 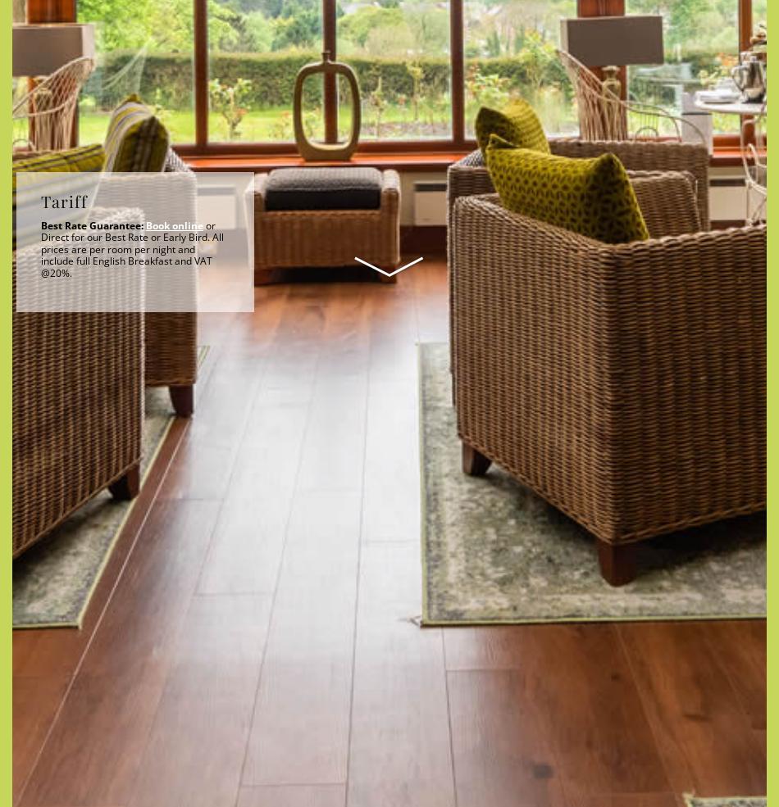 What do you see at coordinates (174, 555) in the screenshot?
I see `'Roman Road. Appleby-in-Westmorland, Cumbria, CA16 6JB'` at bounding box center [174, 555].